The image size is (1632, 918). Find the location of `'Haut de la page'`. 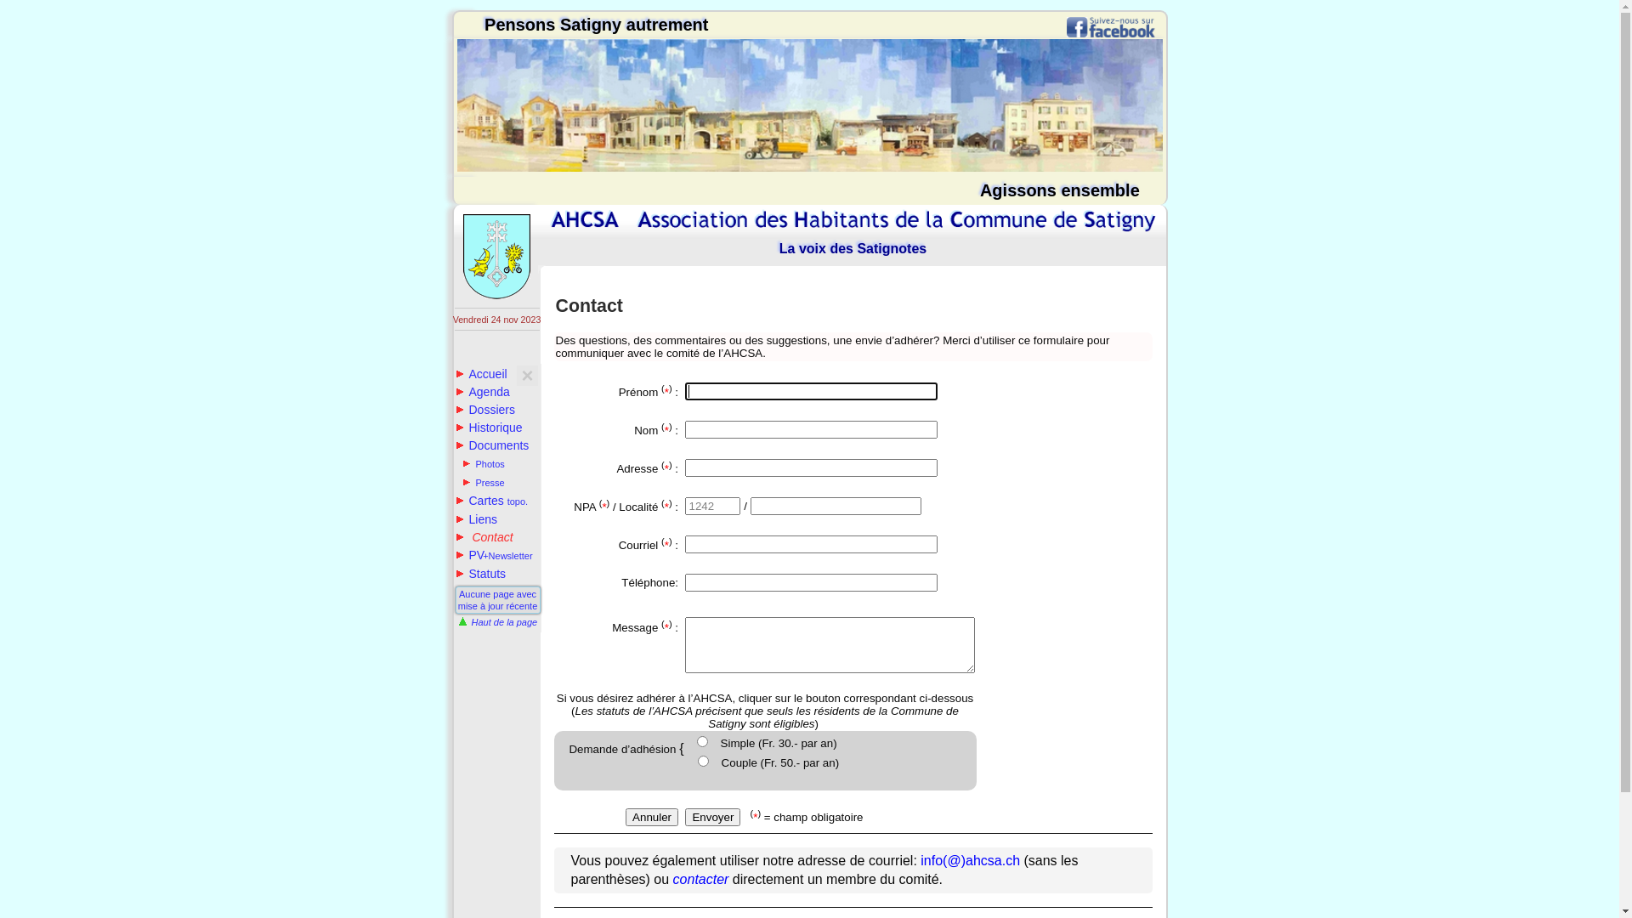

'Haut de la page' is located at coordinates (496, 622).